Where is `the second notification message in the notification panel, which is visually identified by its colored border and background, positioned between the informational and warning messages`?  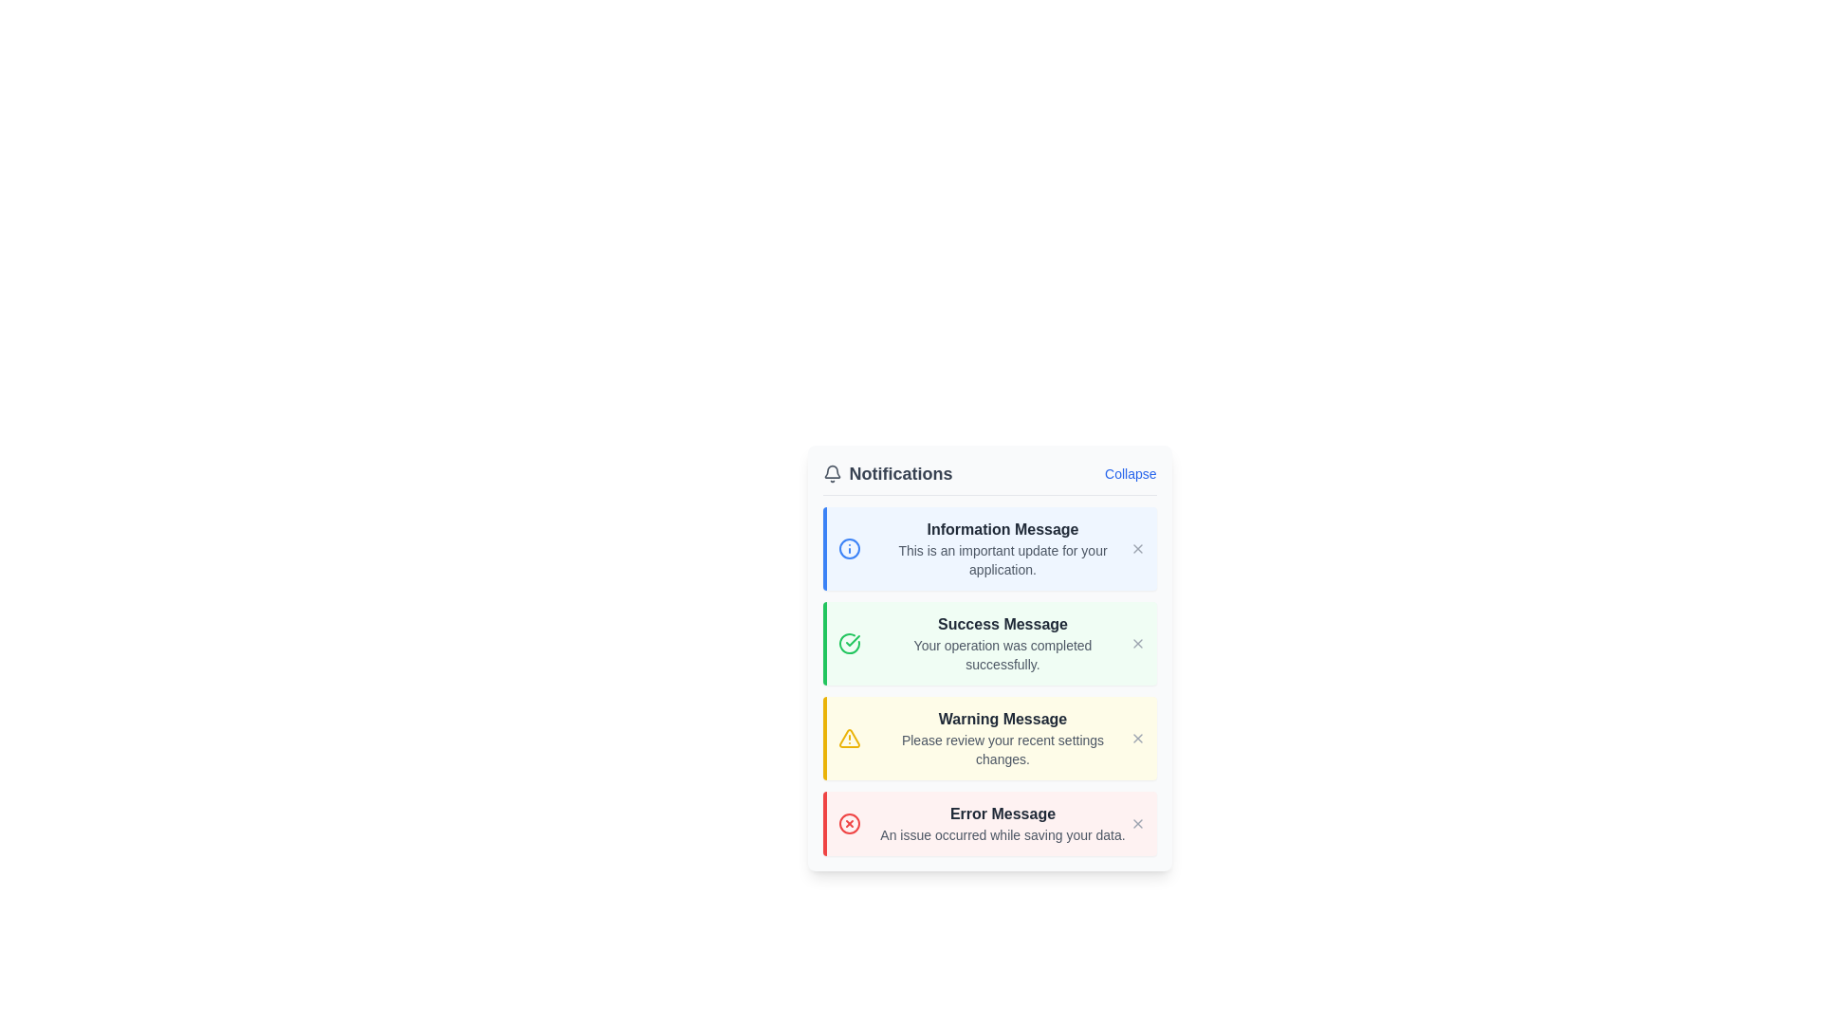 the second notification message in the notification panel, which is visually identified by its colored border and background, positioned between the informational and warning messages is located at coordinates (988, 680).